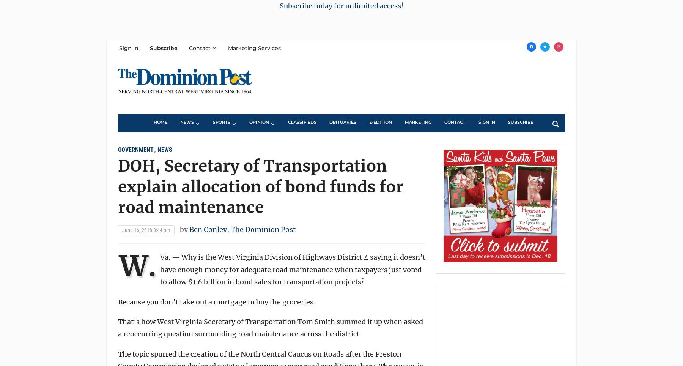 Image resolution: width=683 pixels, height=366 pixels. I want to click on 'Marketing', so click(418, 122).